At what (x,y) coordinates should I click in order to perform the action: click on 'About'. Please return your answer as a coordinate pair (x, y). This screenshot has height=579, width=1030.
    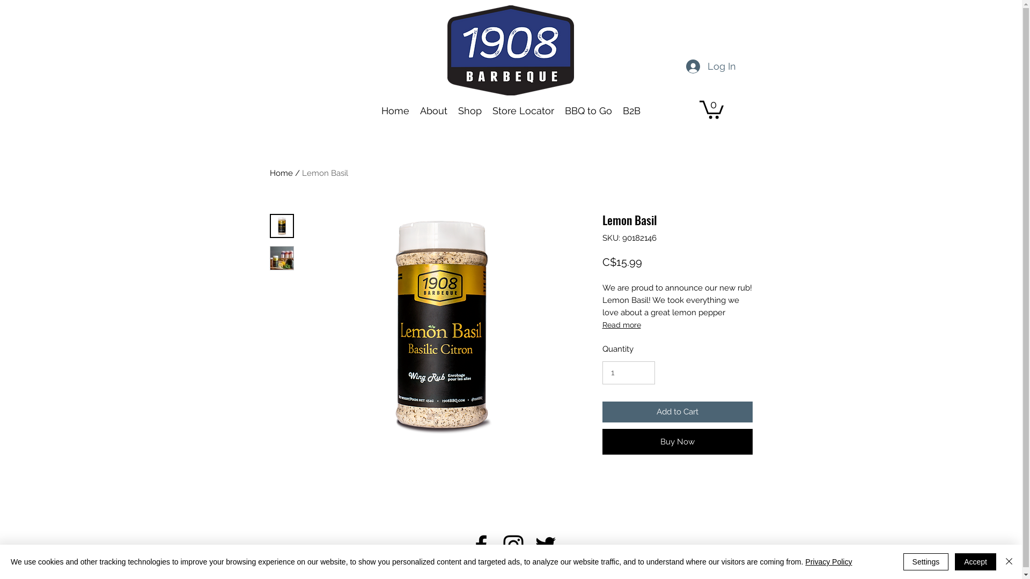
    Looking at the image, I should click on (414, 111).